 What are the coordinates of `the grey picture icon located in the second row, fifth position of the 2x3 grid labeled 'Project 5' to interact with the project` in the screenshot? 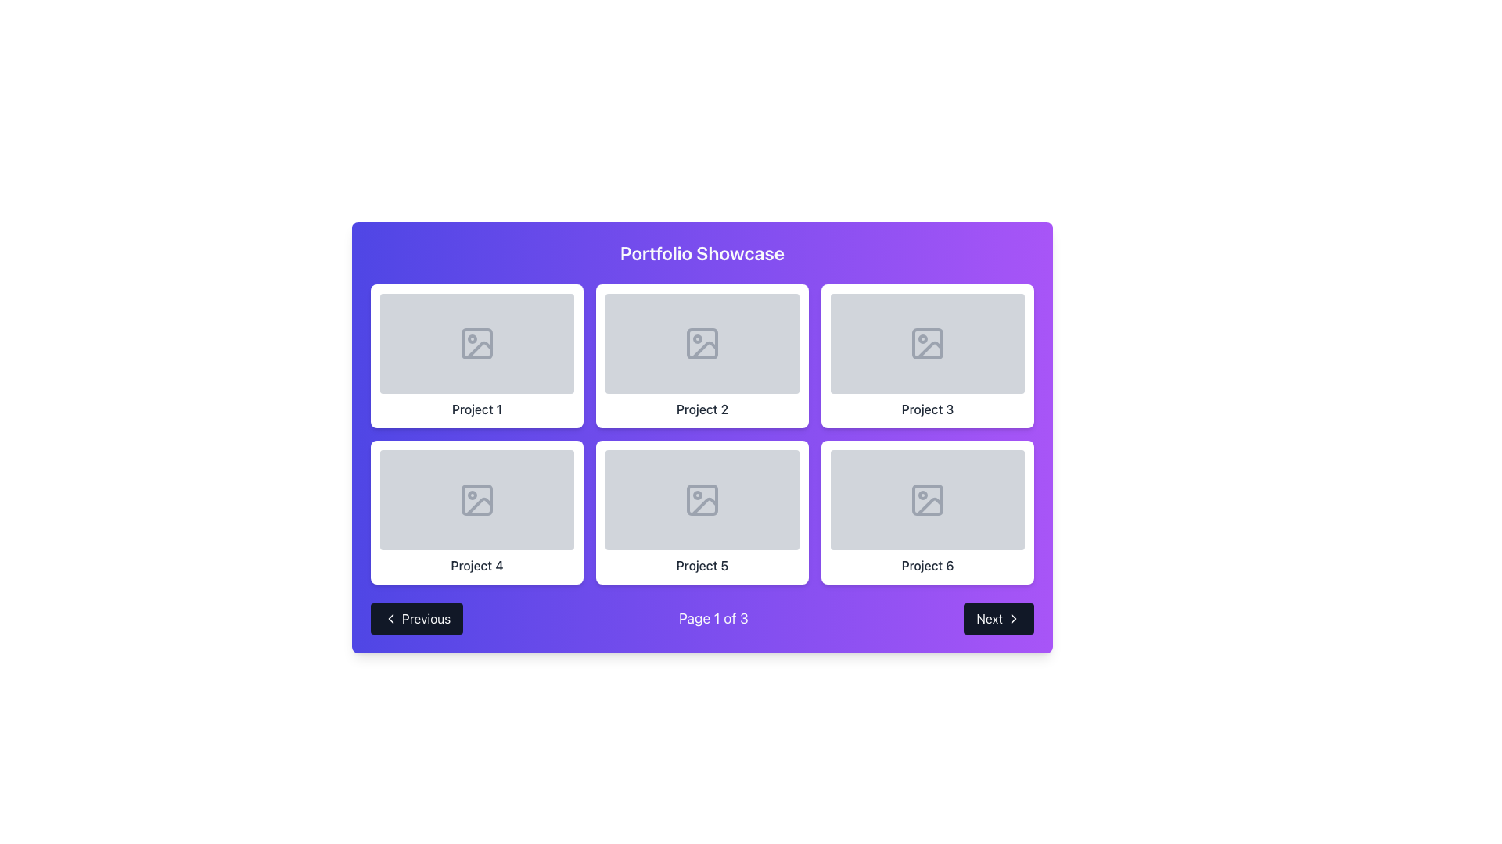 It's located at (701, 500).